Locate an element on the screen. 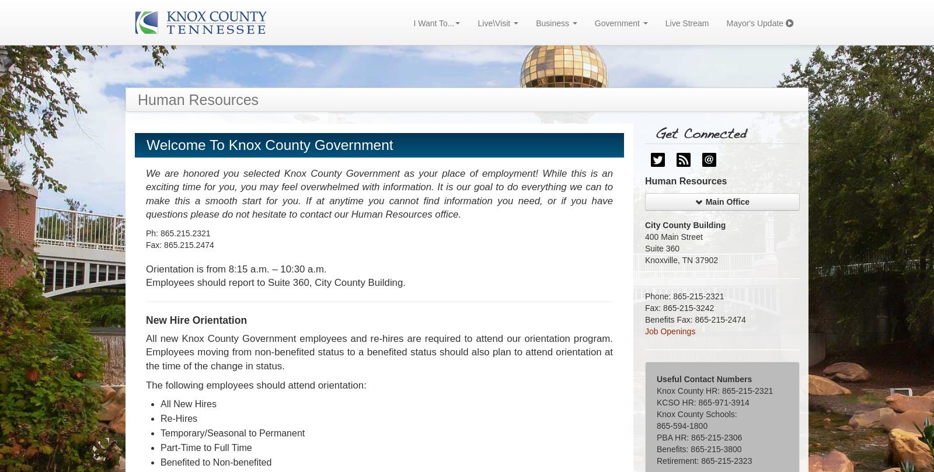 The height and width of the screenshot is (472, 934). '400 Main Street' is located at coordinates (673, 236).